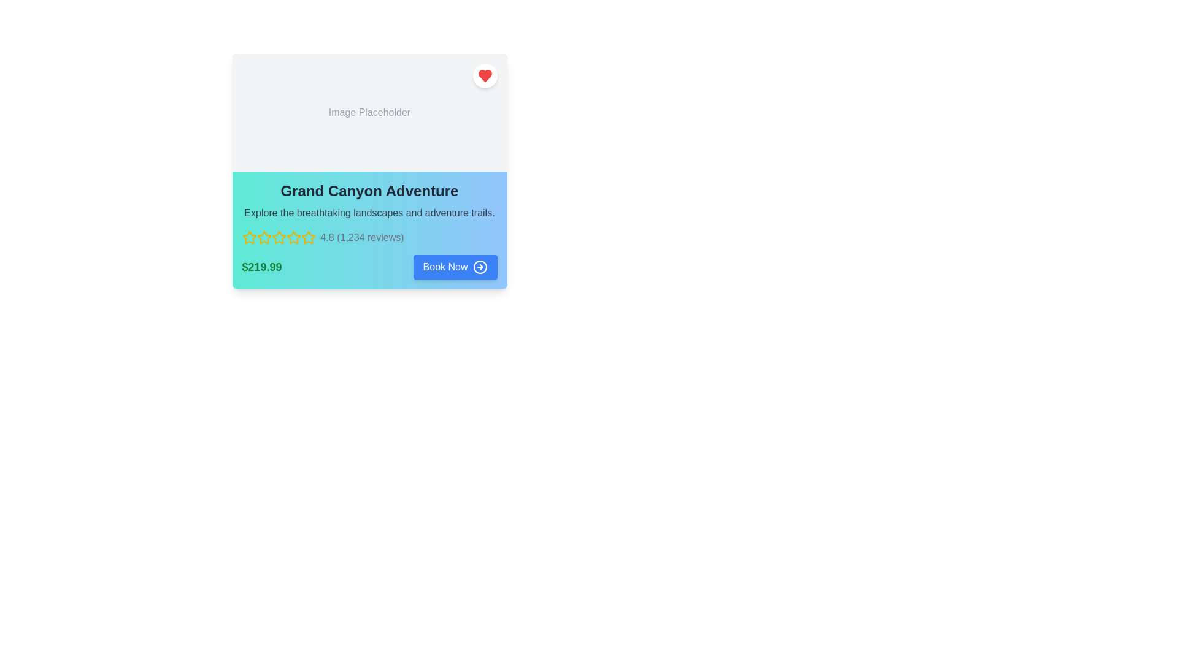 The image size is (1178, 662). What do you see at coordinates (278, 238) in the screenshot?
I see `the fourth star-shaped icon in the rating section, which has a yellow outline and light blue fill, located beneath the title and description of the card` at bounding box center [278, 238].